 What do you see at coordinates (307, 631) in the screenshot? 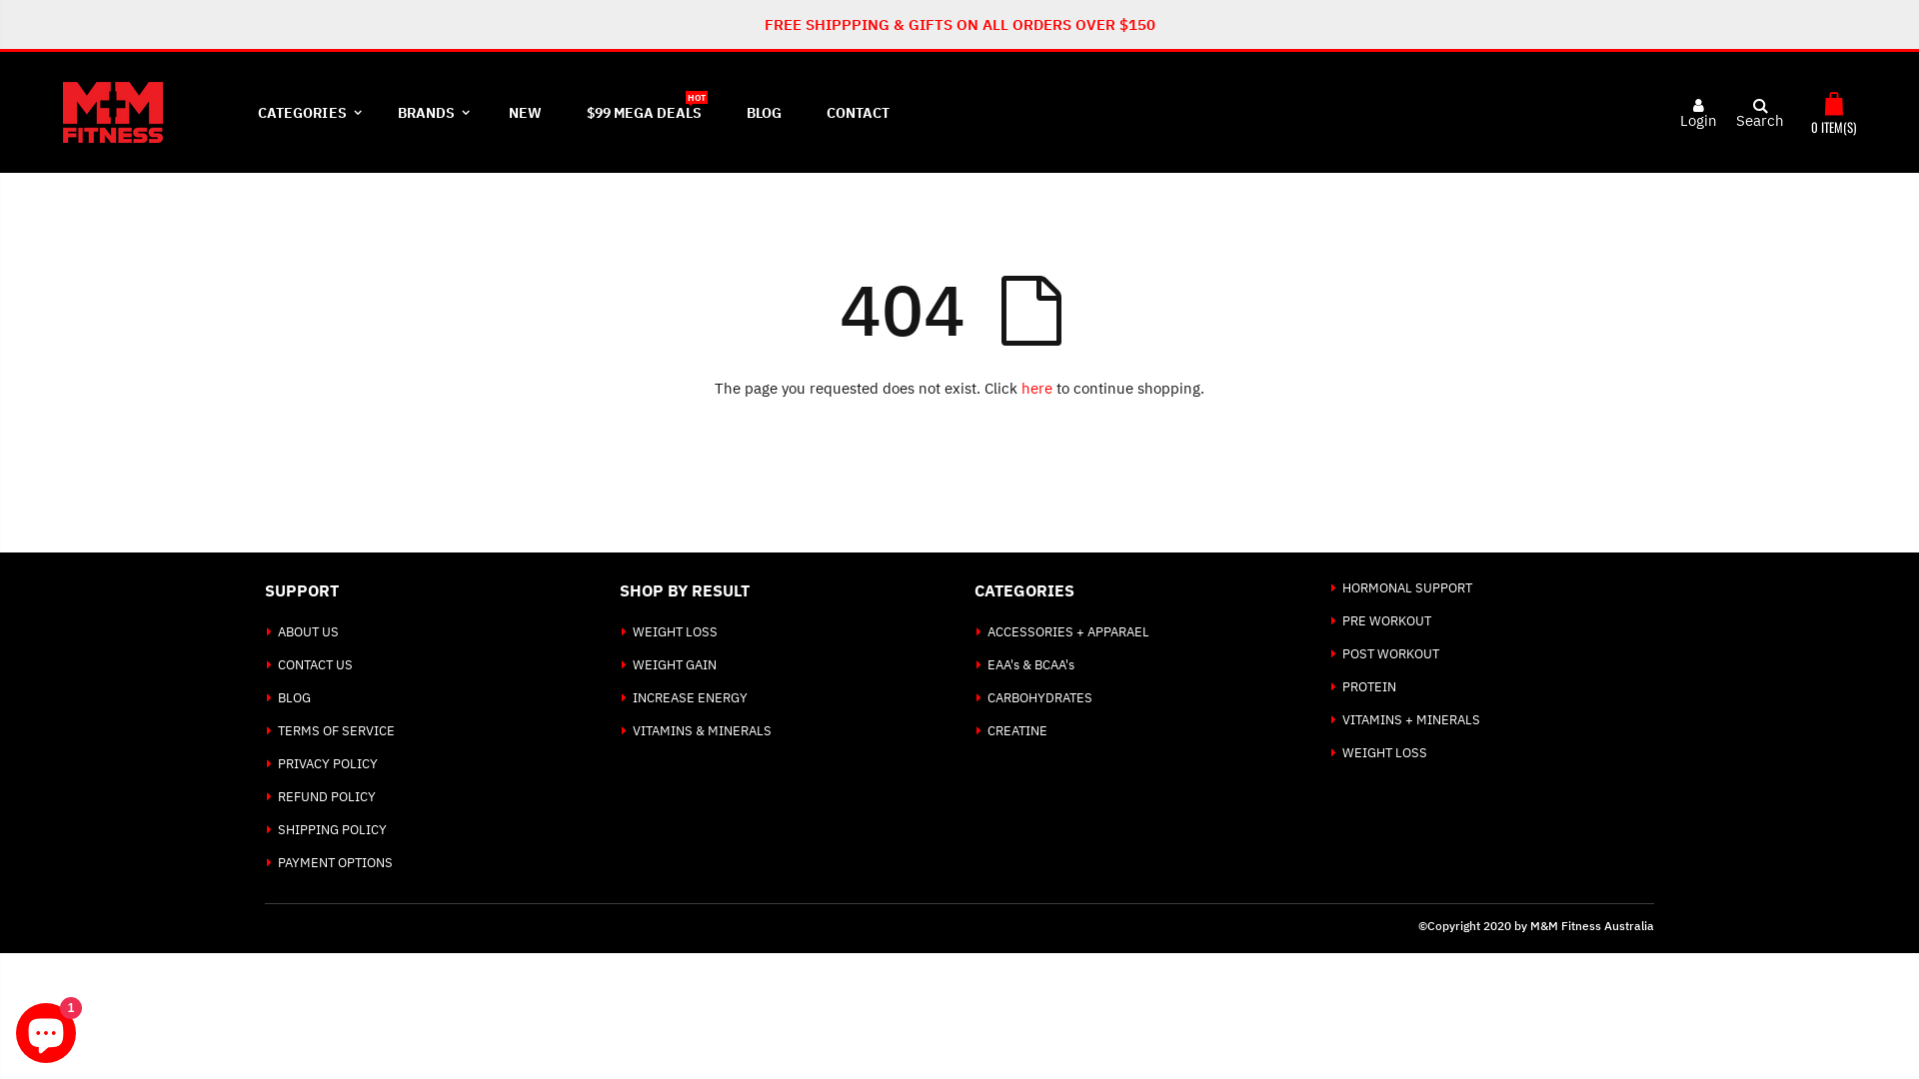
I see `'ABOUT US'` at bounding box center [307, 631].